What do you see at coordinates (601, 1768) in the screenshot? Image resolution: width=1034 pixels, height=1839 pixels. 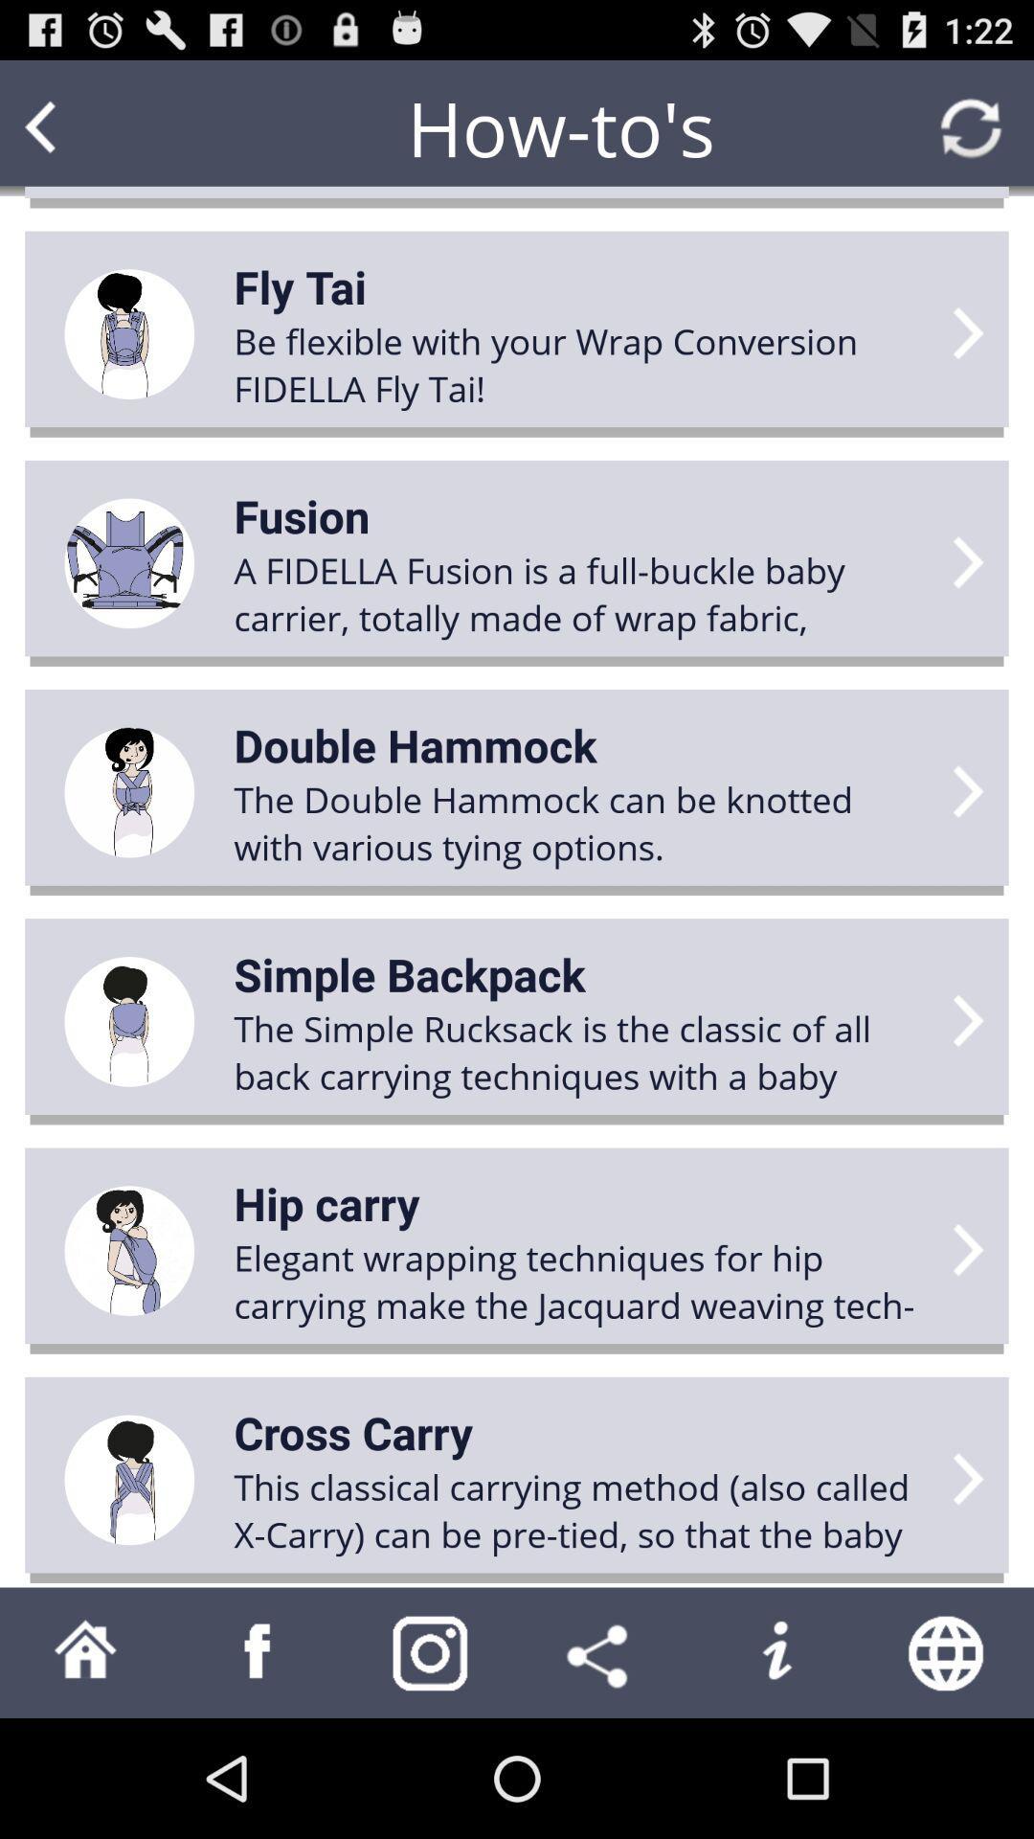 I see `the share icon` at bounding box center [601, 1768].